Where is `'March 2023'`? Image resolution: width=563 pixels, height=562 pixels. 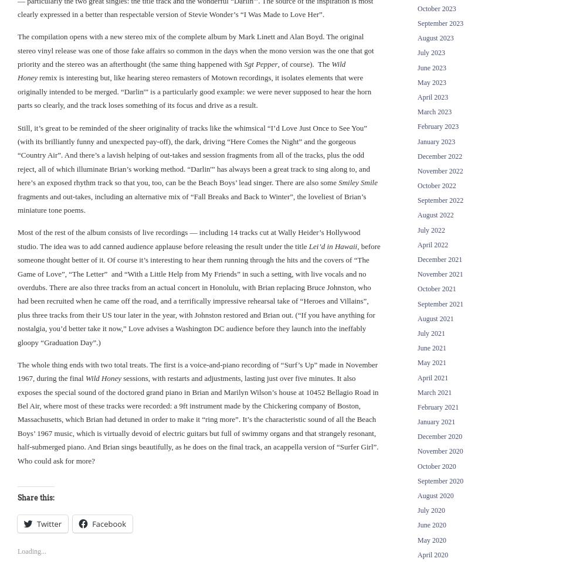 'March 2023' is located at coordinates (418, 111).